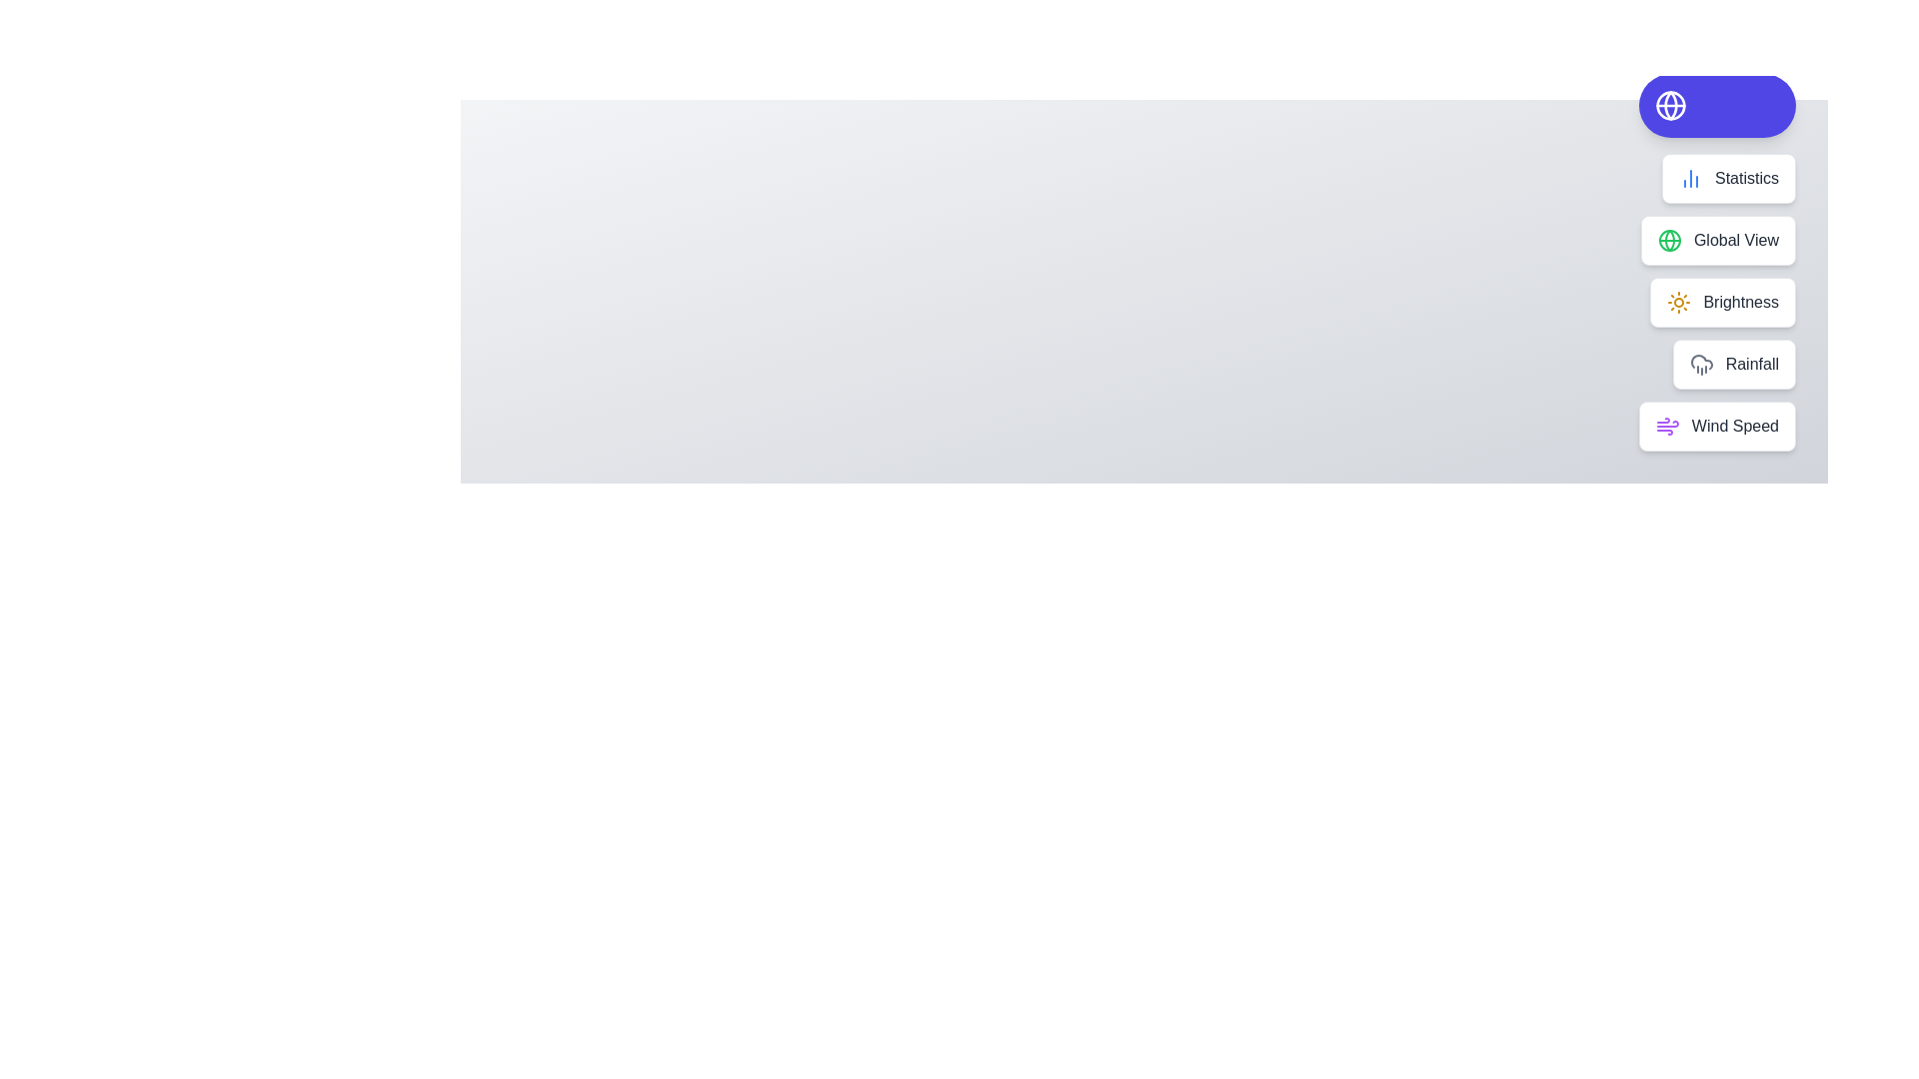 This screenshot has height=1079, width=1919. Describe the element at coordinates (1717, 239) in the screenshot. I see `the action Global View from the speed dial` at that location.